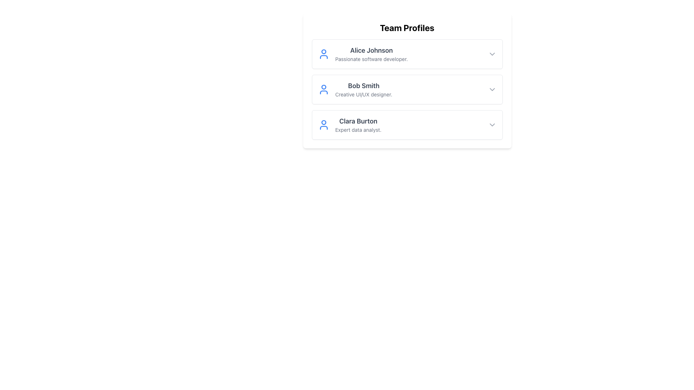 Image resolution: width=694 pixels, height=390 pixels. I want to click on the toggle button located at the top-right corner of Bob Smith's profile card, so click(492, 89).